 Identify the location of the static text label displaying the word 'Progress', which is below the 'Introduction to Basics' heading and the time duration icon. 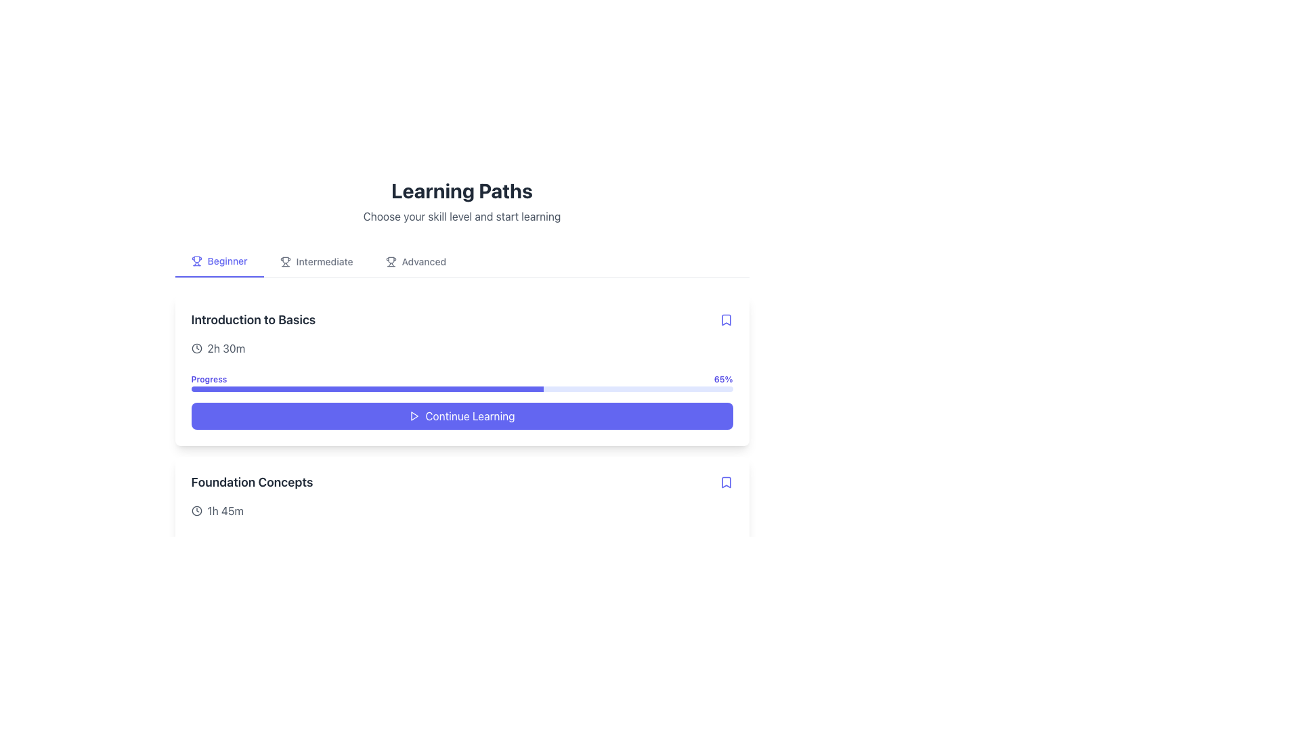
(208, 379).